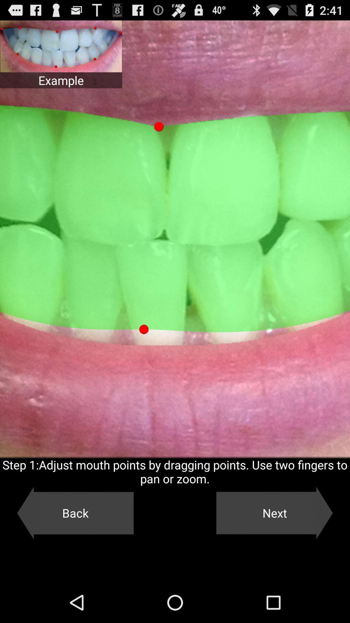  I want to click on the next at the bottom right corner, so click(274, 513).